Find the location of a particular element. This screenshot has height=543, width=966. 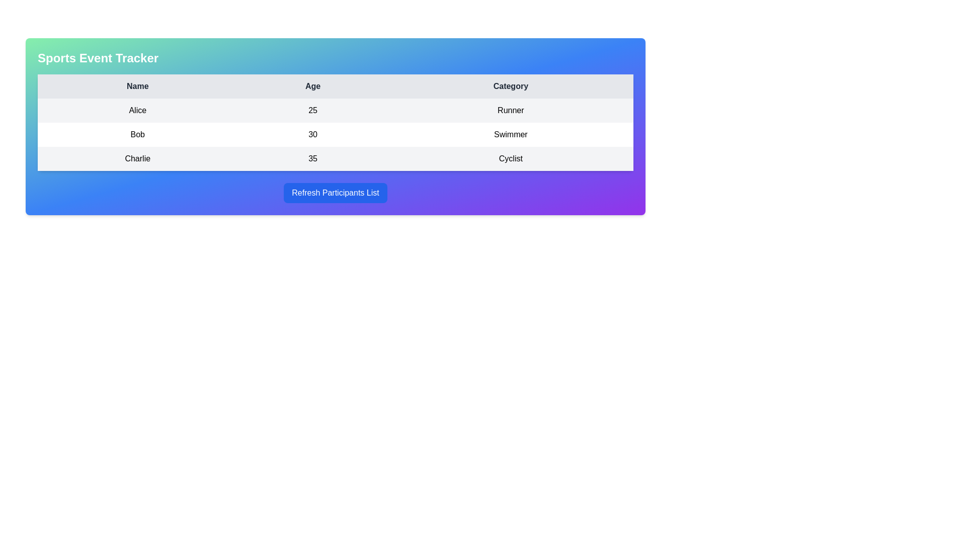

the second row of the table, which contains the data 'Bob', '30', 'Swimmer' is located at coordinates (336, 134).